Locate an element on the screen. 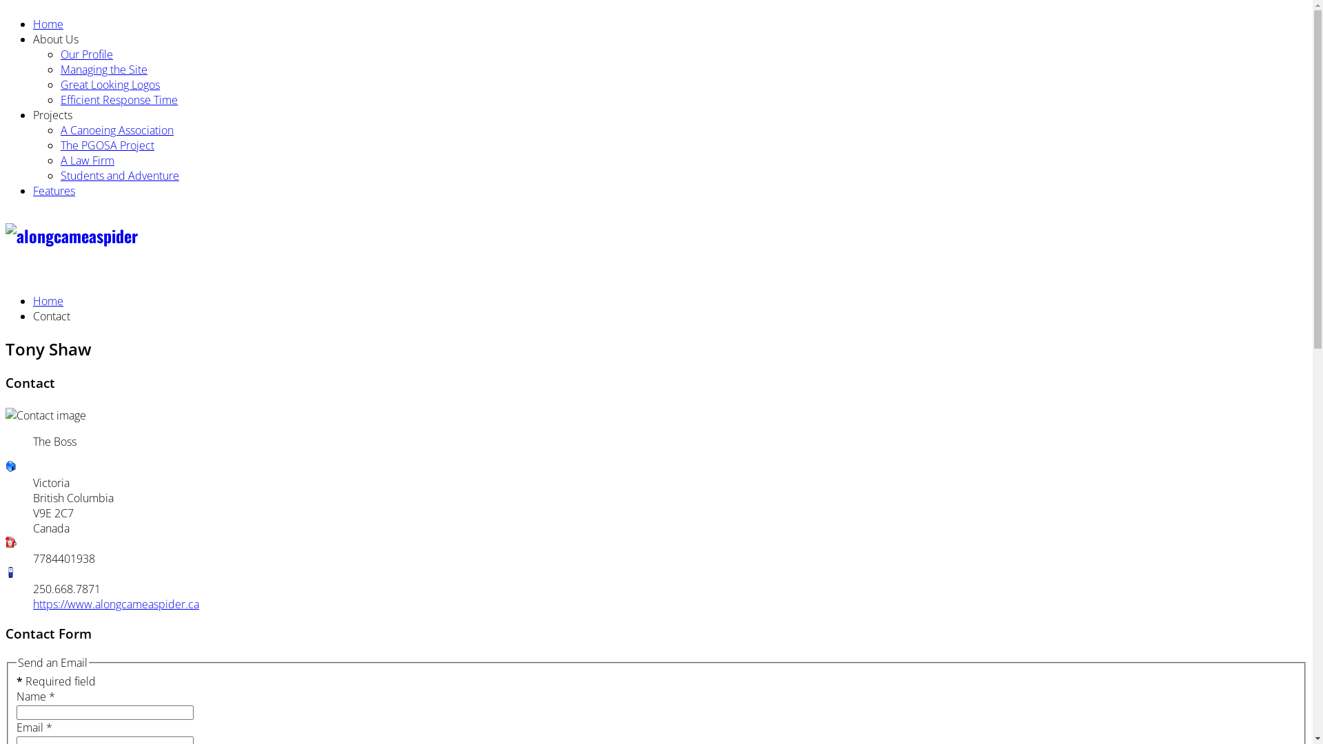 The width and height of the screenshot is (1323, 744). 'Our Profile' is located at coordinates (85, 53).